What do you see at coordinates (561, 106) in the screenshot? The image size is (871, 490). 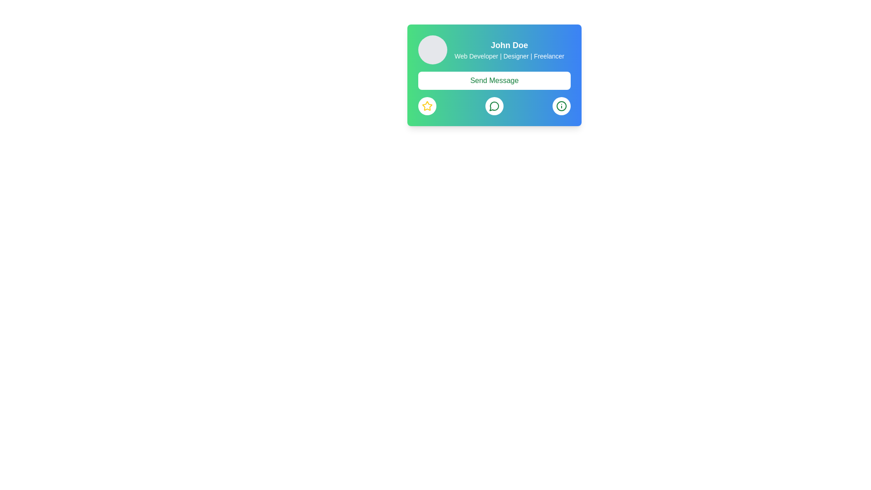 I see `the rightmost circular icon below the 'Send Message' button` at bounding box center [561, 106].